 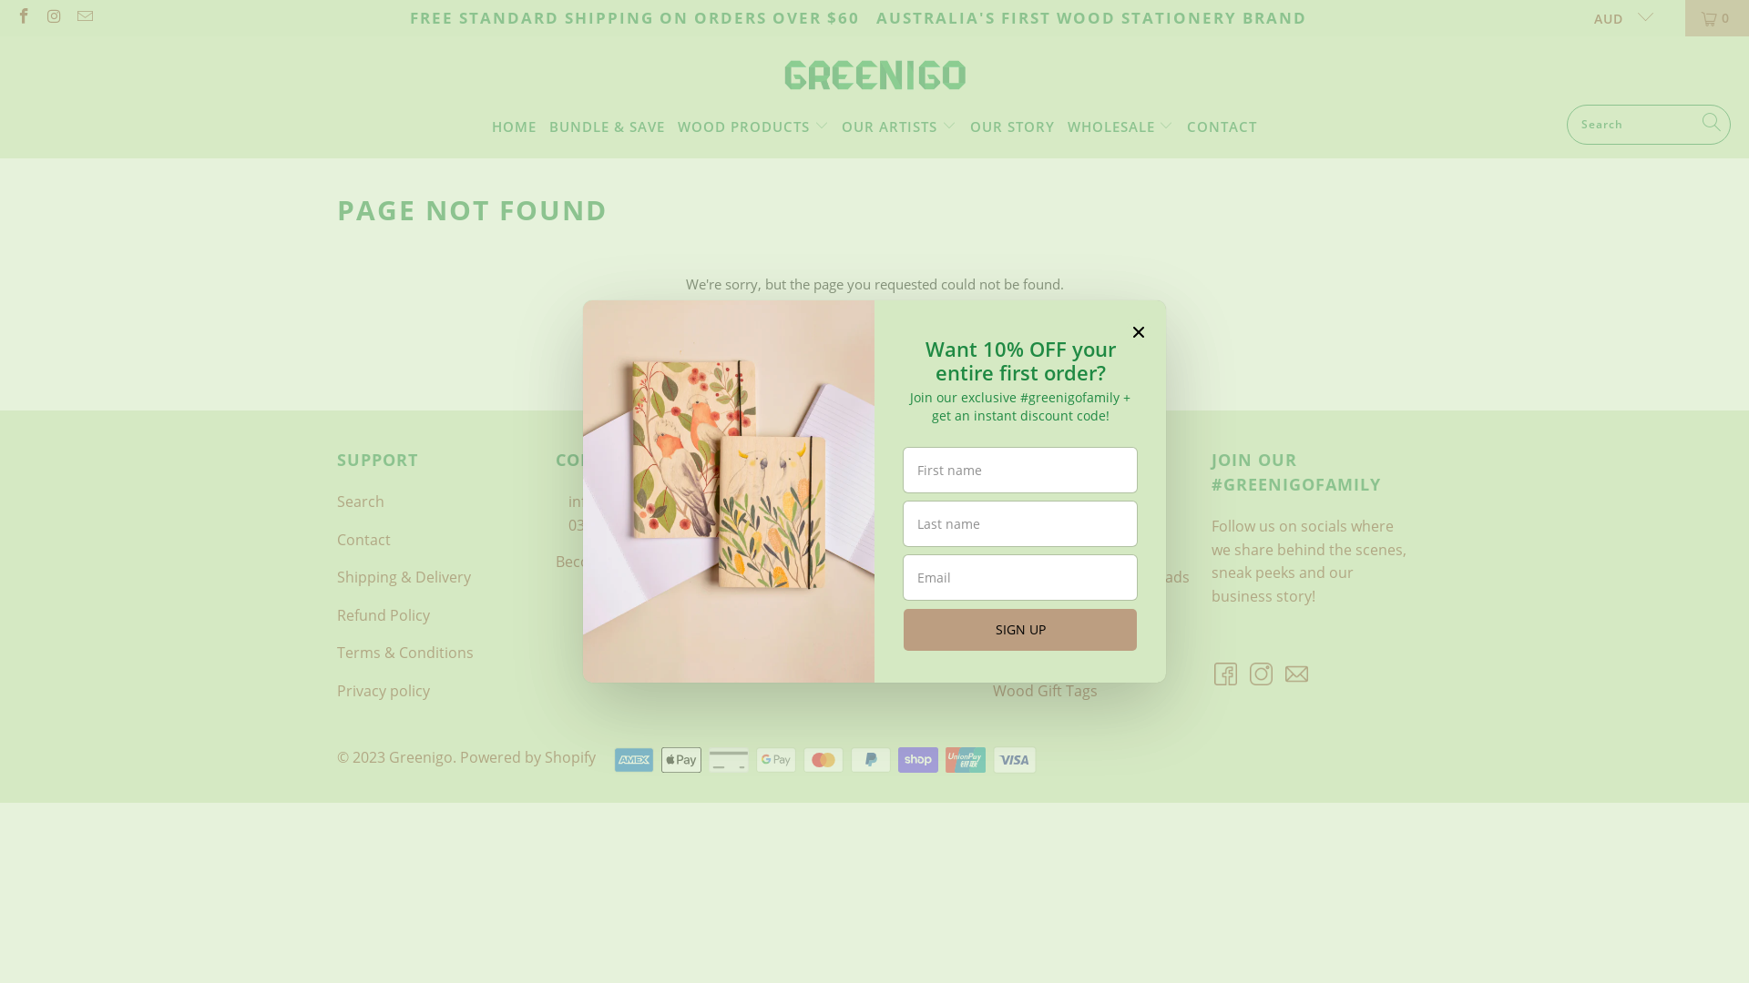 I want to click on 'Shipping & Delivery', so click(x=403, y=576).